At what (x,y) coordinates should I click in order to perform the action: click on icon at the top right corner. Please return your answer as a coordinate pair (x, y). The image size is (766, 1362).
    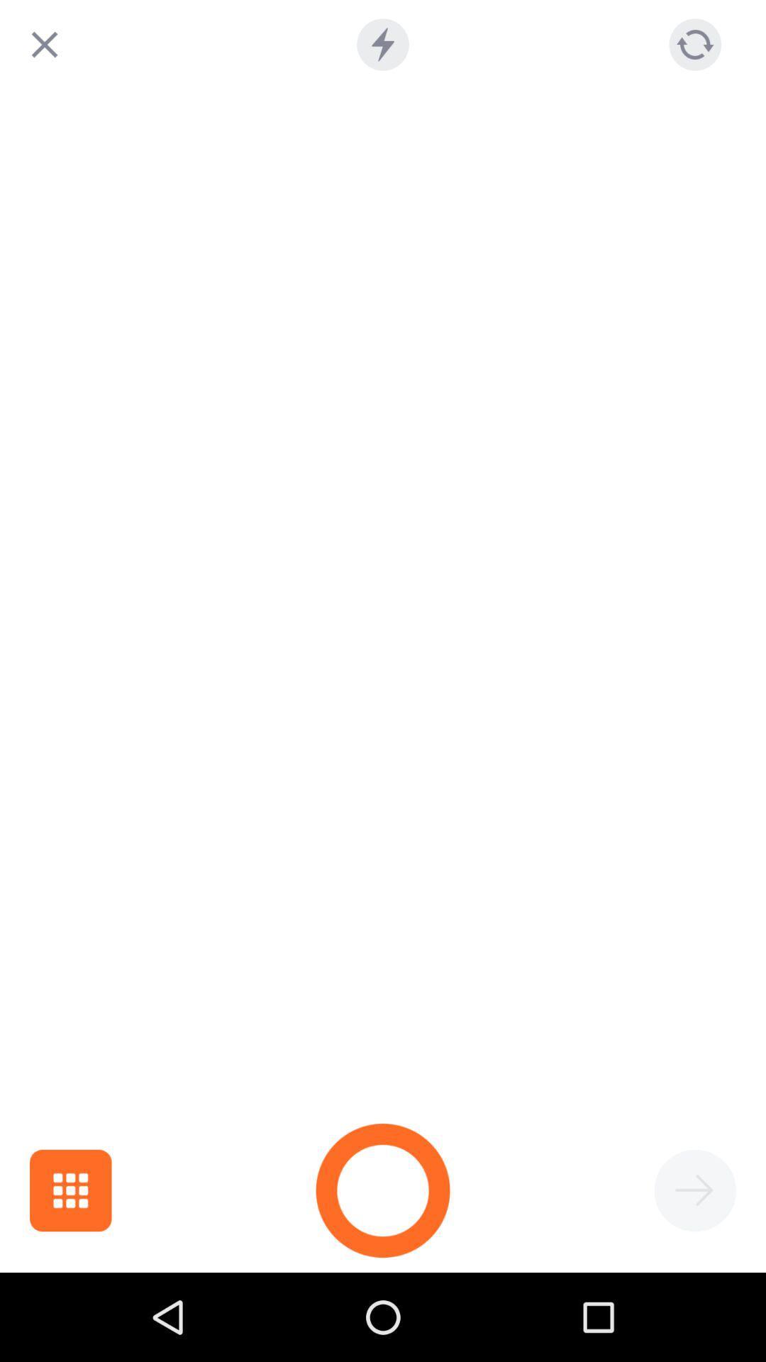
    Looking at the image, I should click on (694, 44).